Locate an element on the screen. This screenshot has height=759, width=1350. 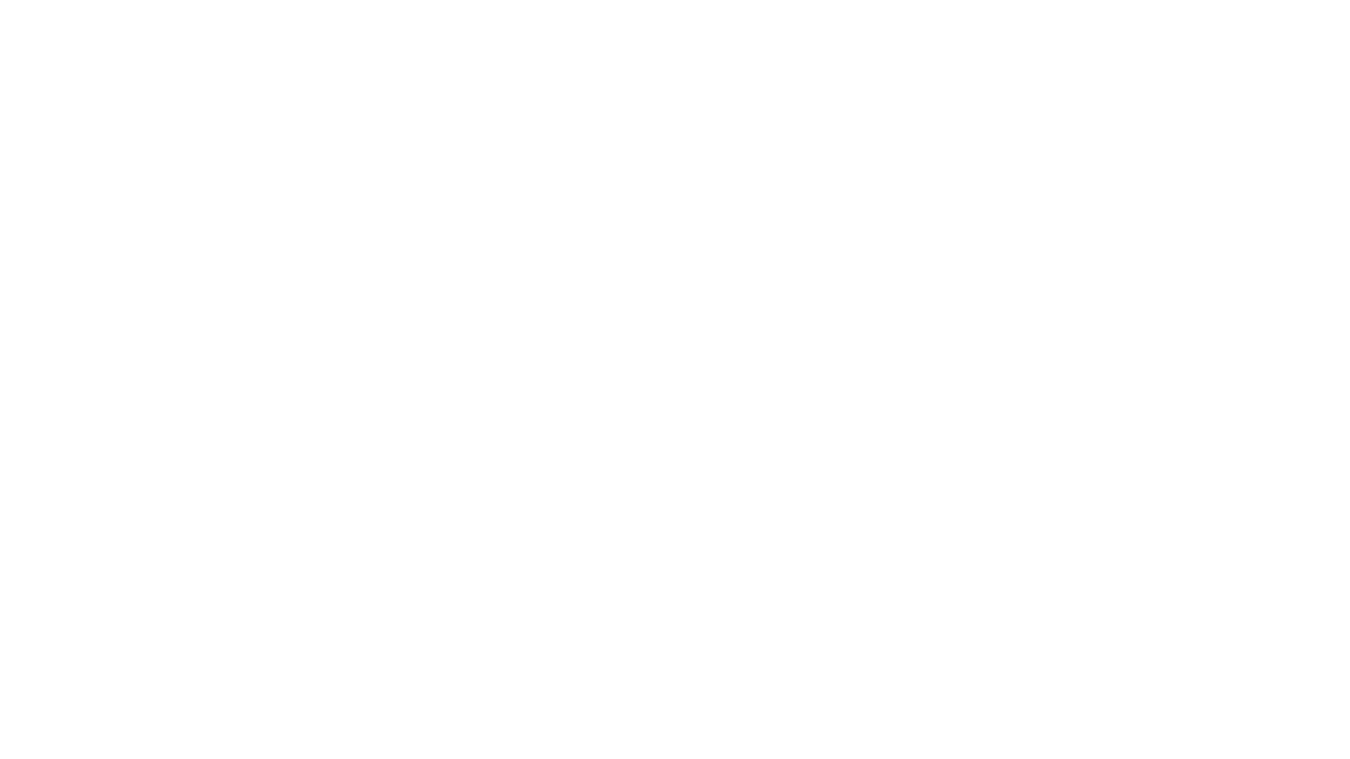
Search is located at coordinates (1065, 30).